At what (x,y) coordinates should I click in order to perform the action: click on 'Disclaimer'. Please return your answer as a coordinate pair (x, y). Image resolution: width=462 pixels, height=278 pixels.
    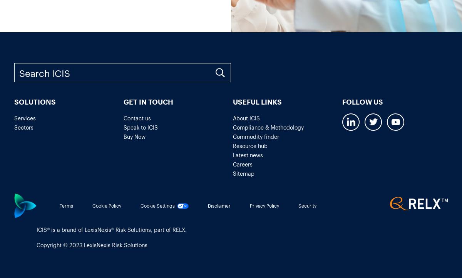
    Looking at the image, I should click on (219, 205).